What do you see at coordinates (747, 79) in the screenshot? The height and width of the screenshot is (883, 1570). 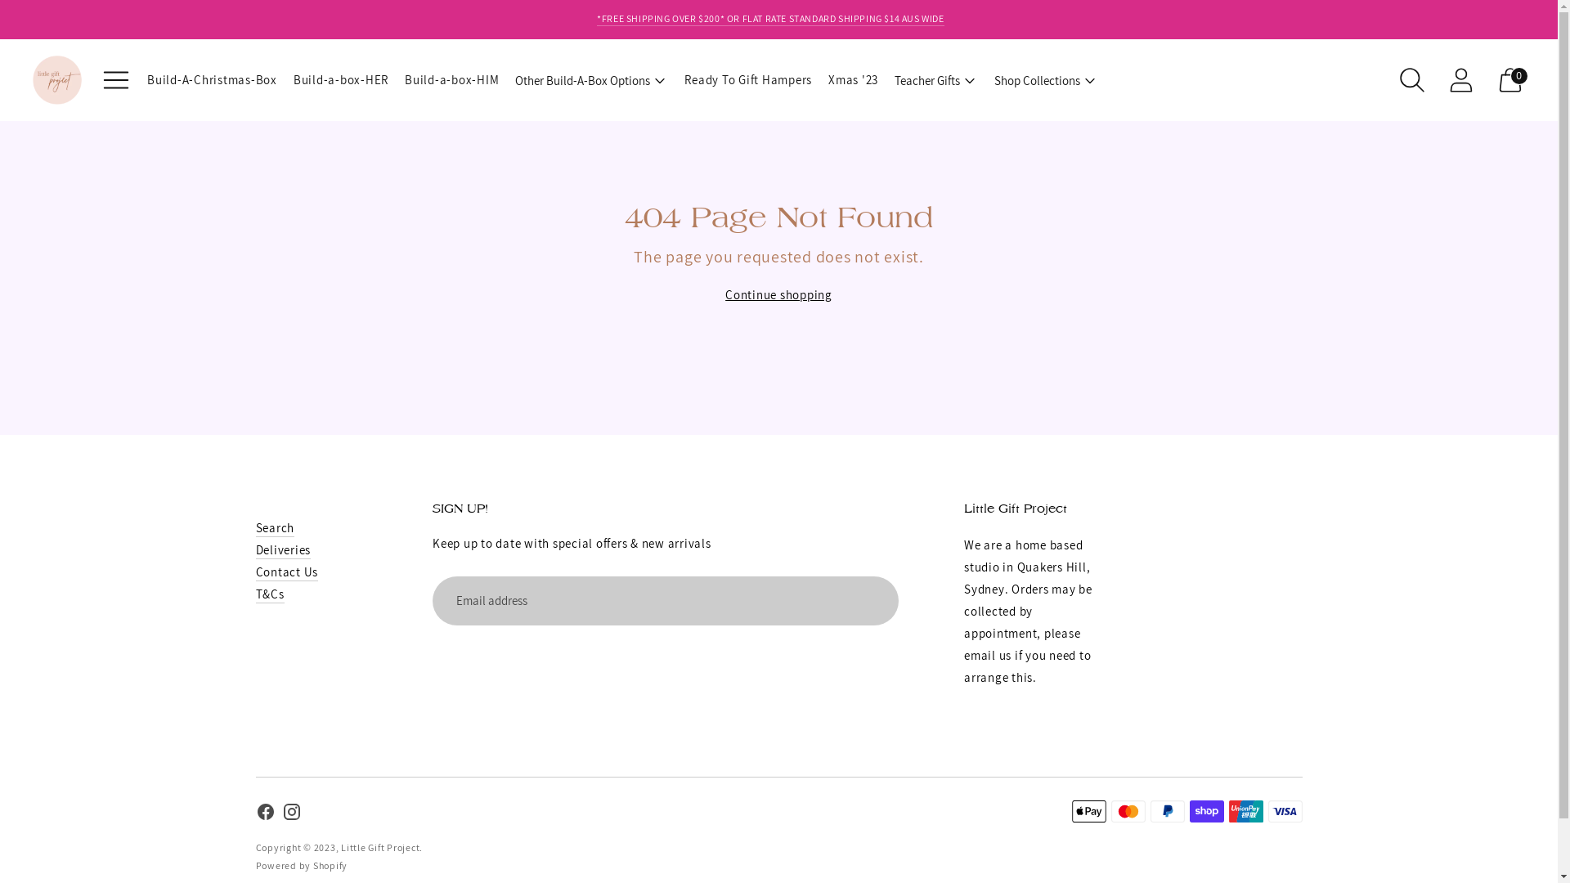 I see `'Ready To Gift Hampers'` at bounding box center [747, 79].